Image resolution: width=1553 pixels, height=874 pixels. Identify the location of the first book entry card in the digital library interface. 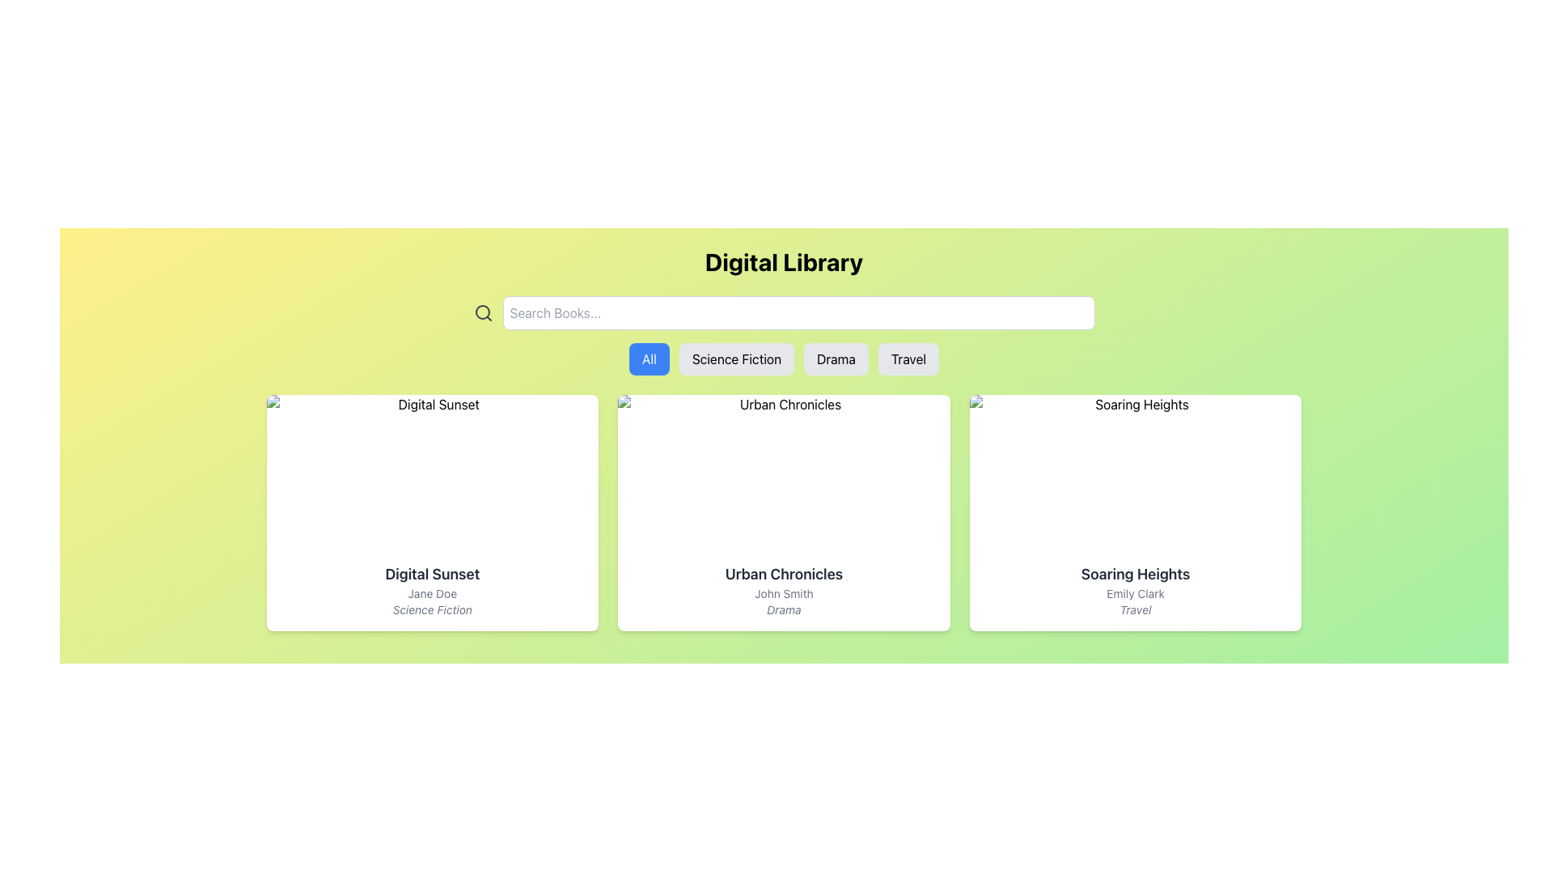
(432, 512).